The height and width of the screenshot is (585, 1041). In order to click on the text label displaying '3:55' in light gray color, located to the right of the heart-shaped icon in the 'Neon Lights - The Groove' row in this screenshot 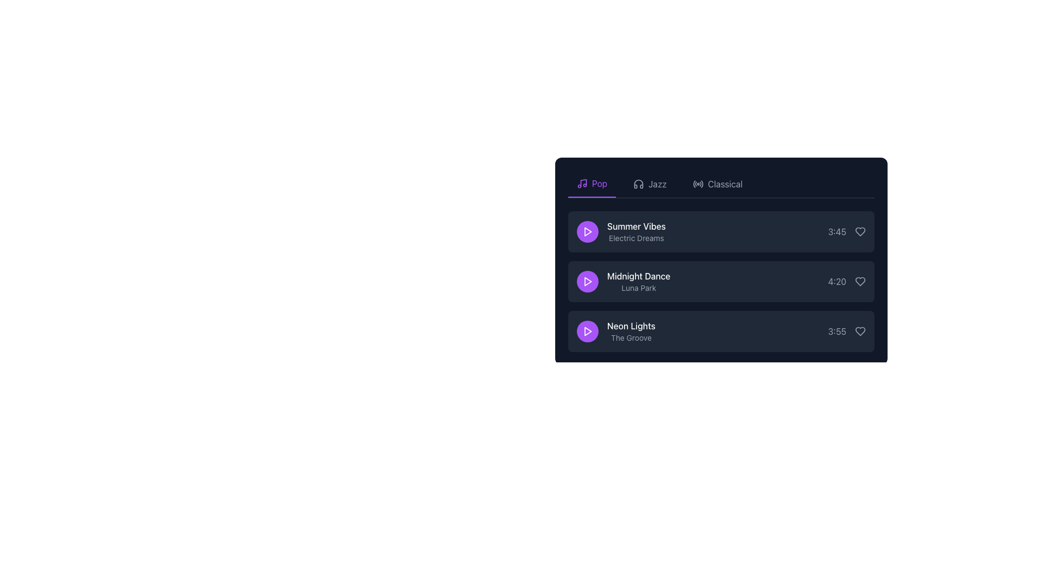, I will do `click(846, 331)`.